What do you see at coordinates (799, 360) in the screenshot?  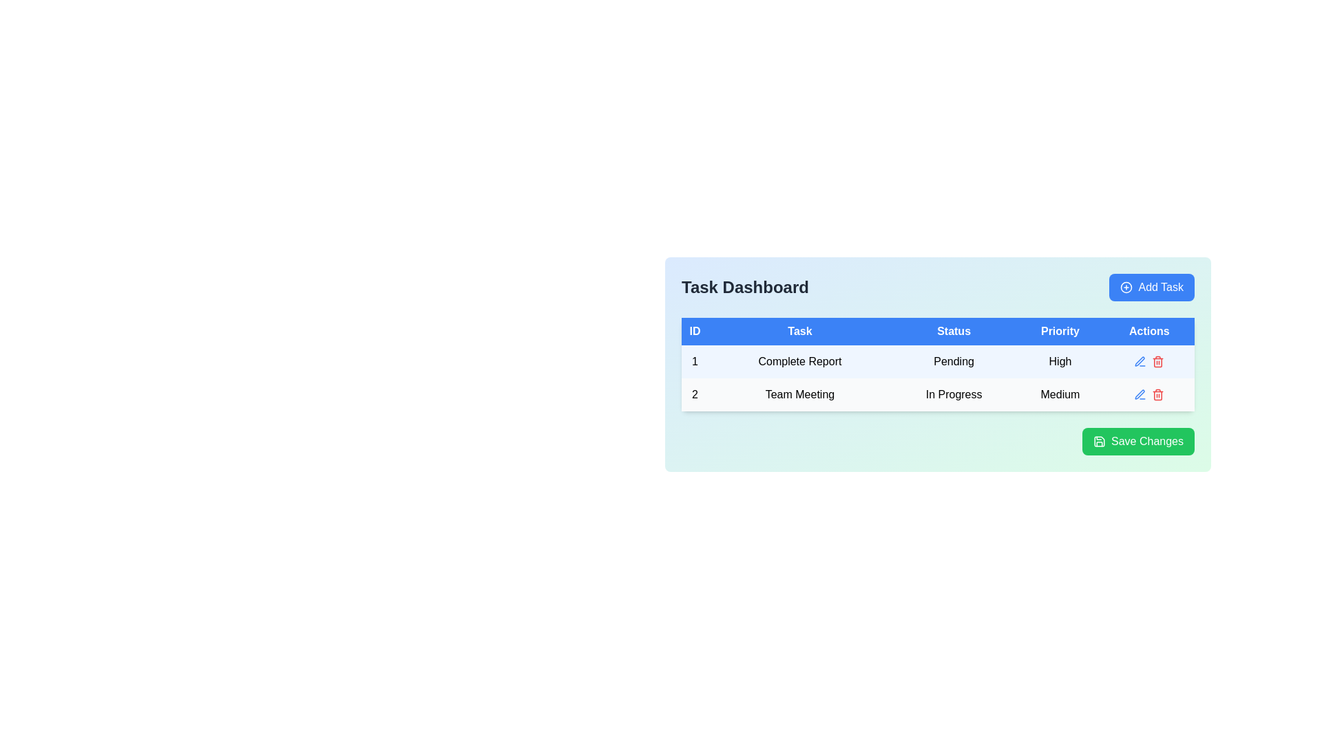 I see `the text label displaying 'Complete Report' in the 'Task' column of the 'Task Dashboard' table` at bounding box center [799, 360].